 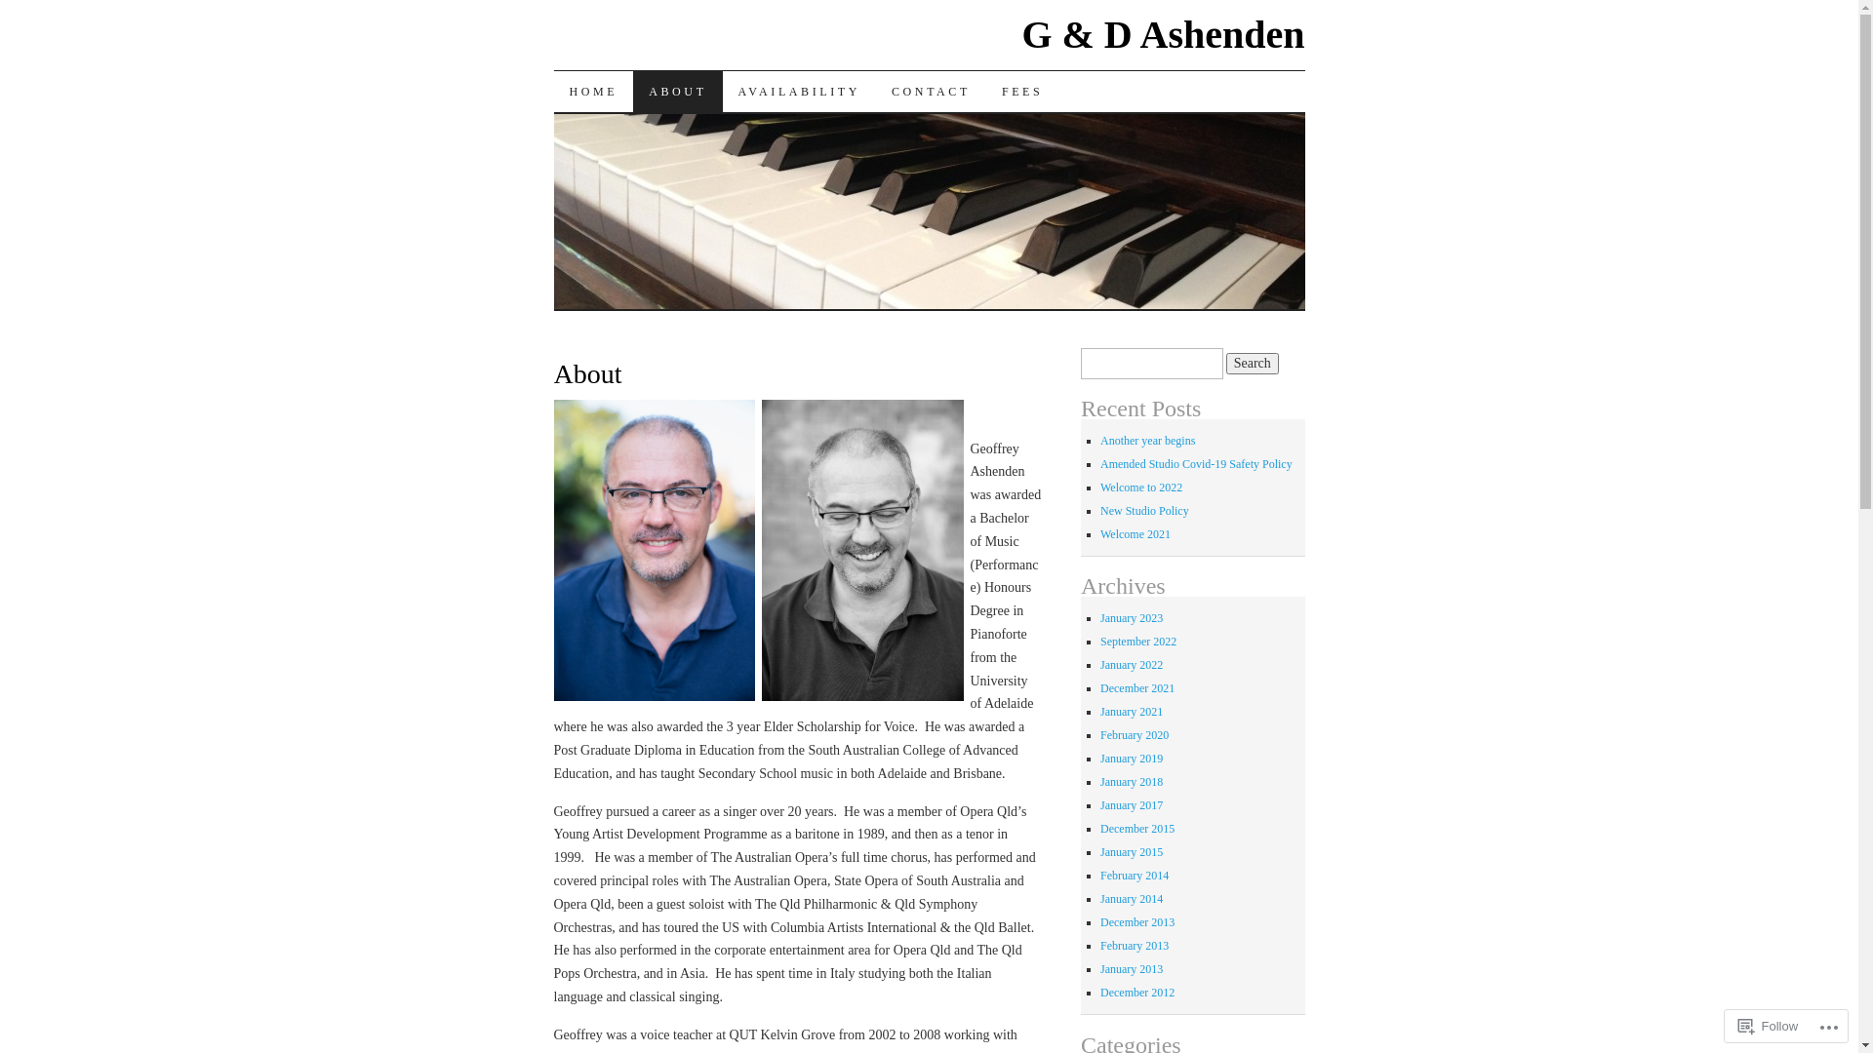 I want to click on 'FEES', so click(x=986, y=91).